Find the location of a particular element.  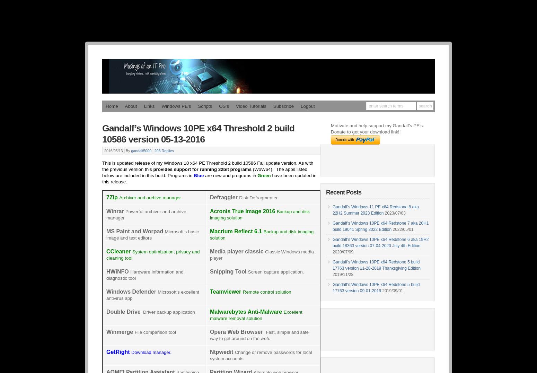

'OS’s' is located at coordinates (223, 106).